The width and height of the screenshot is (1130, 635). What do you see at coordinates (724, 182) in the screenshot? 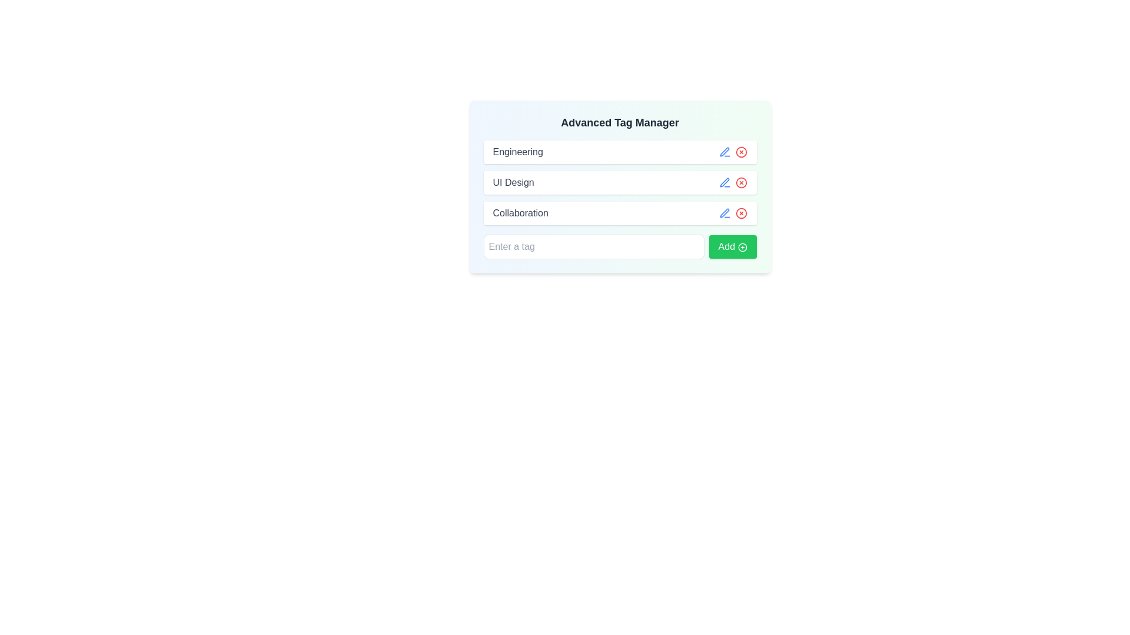
I see `the pen-shaped icon for editing options located in the second row of the tag manager next to the 'UI Design' text field` at bounding box center [724, 182].